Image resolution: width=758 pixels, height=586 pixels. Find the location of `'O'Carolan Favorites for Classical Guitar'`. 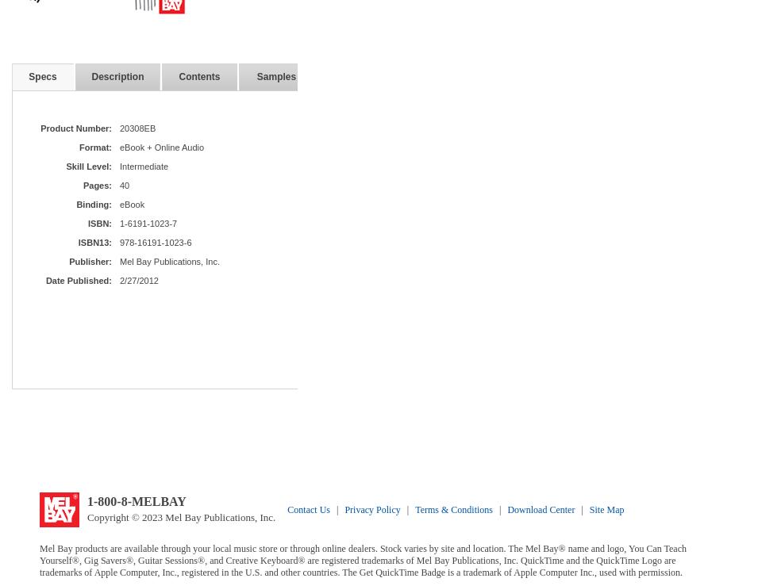

'O'Carolan Favorites for Classical Guitar' is located at coordinates (688, 363).